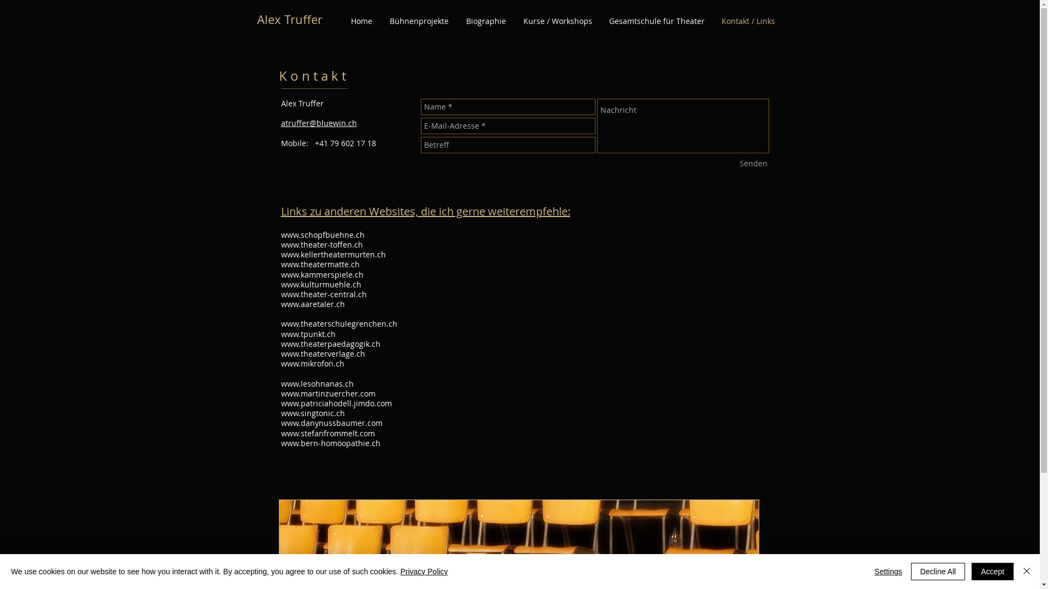  What do you see at coordinates (485, 21) in the screenshot?
I see `'Biographie'` at bounding box center [485, 21].